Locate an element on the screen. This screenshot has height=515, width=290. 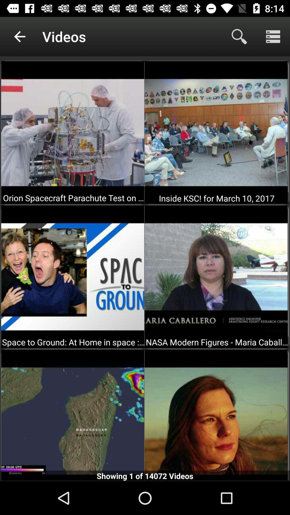
app next to videos item is located at coordinates (239, 36).